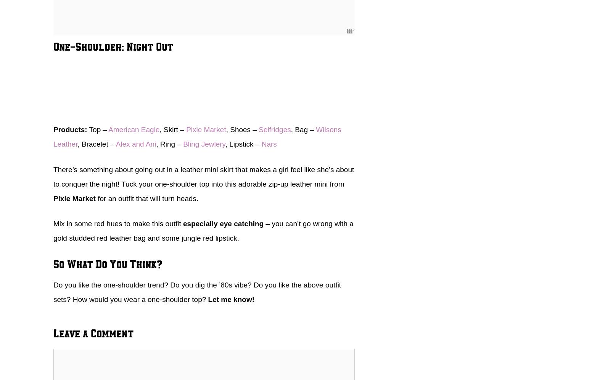  What do you see at coordinates (208, 299) in the screenshot?
I see `'Let me know!'` at bounding box center [208, 299].